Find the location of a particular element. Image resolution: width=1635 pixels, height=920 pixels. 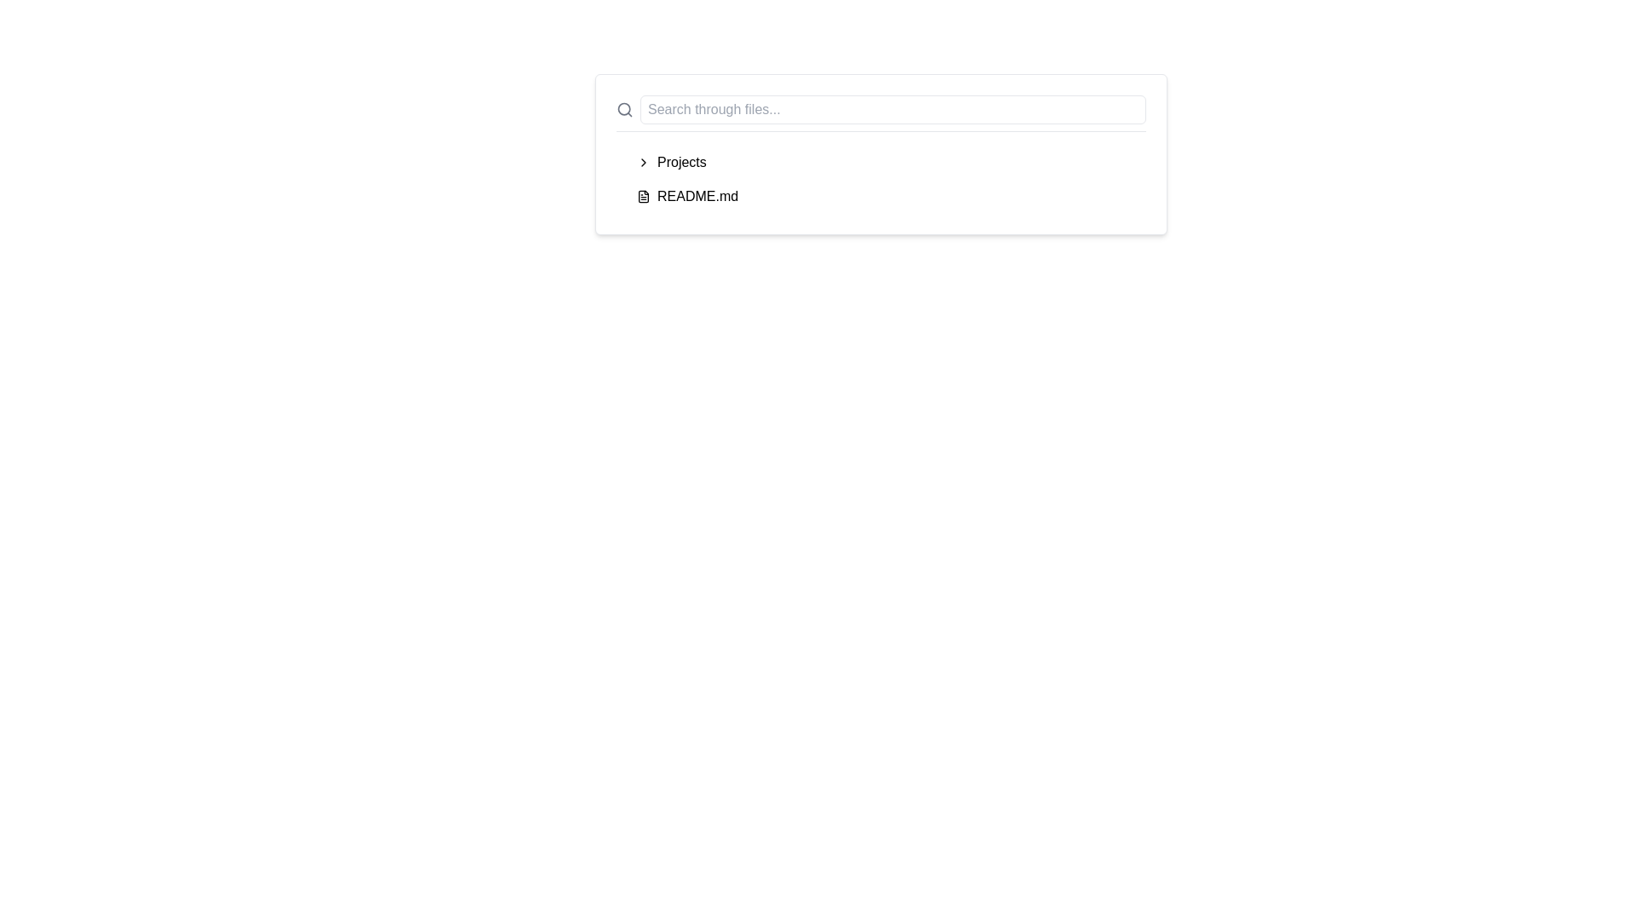

the Search Icon located on the left side of the search input field is located at coordinates (624, 109).